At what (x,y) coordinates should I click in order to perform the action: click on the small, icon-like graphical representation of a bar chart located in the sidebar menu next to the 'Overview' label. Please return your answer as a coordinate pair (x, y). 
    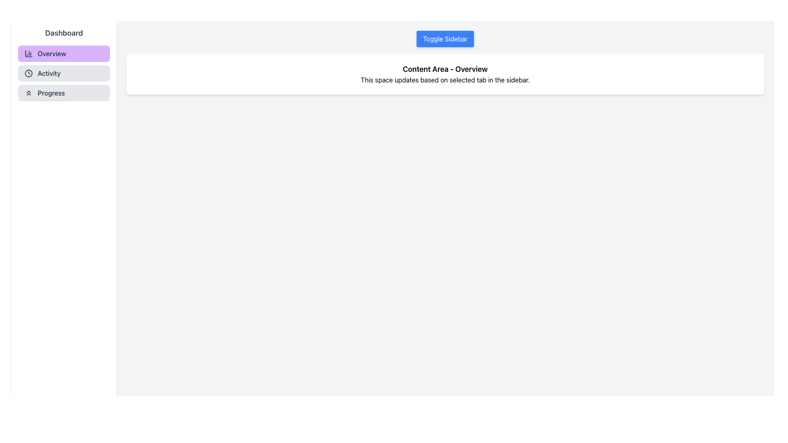
    Looking at the image, I should click on (29, 54).